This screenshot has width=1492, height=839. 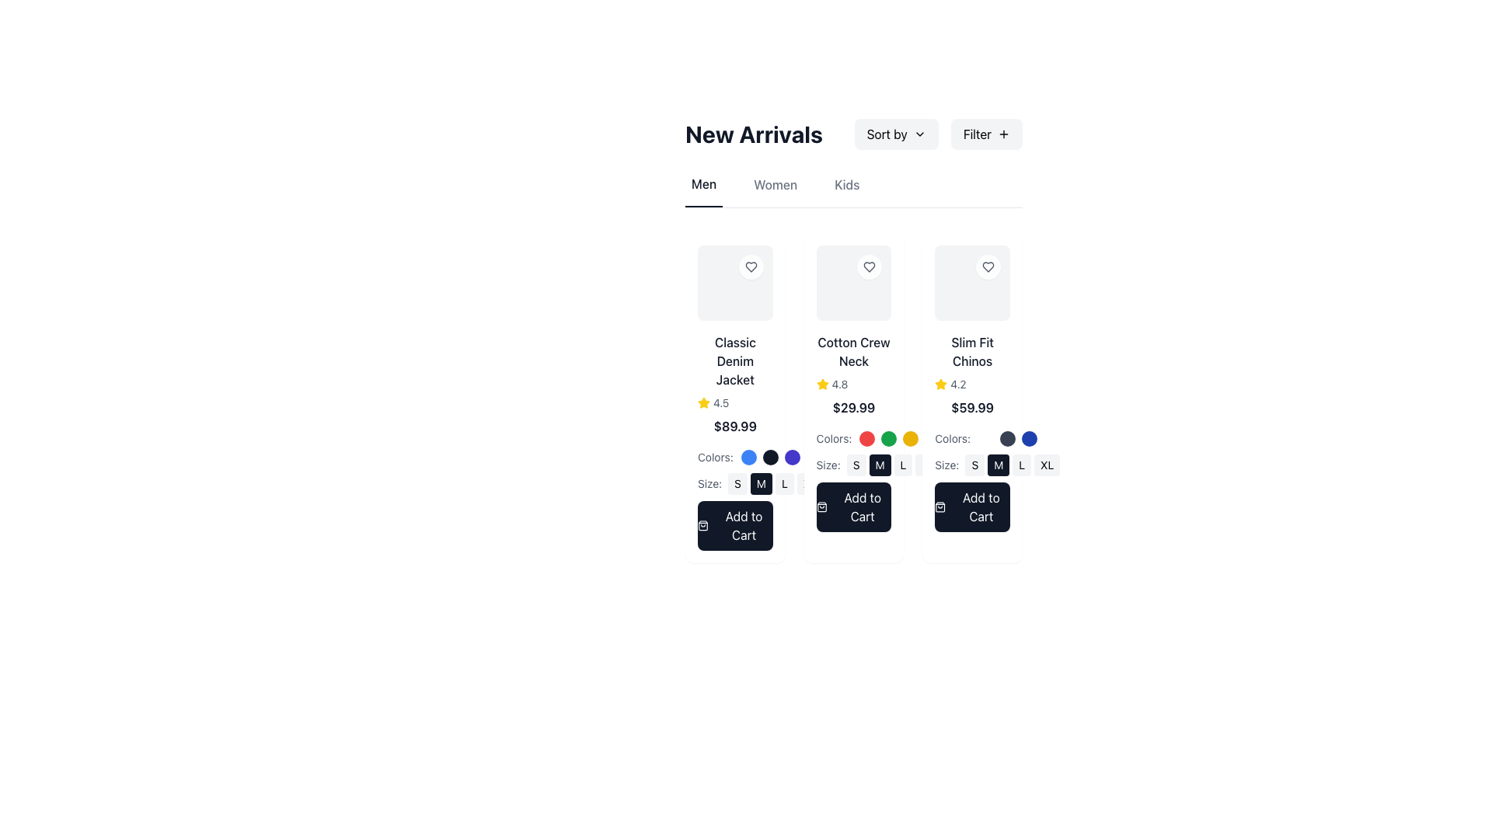 I want to click on the 'Men' navigation tab to filter or view content related to 'Men', so click(x=703, y=190).